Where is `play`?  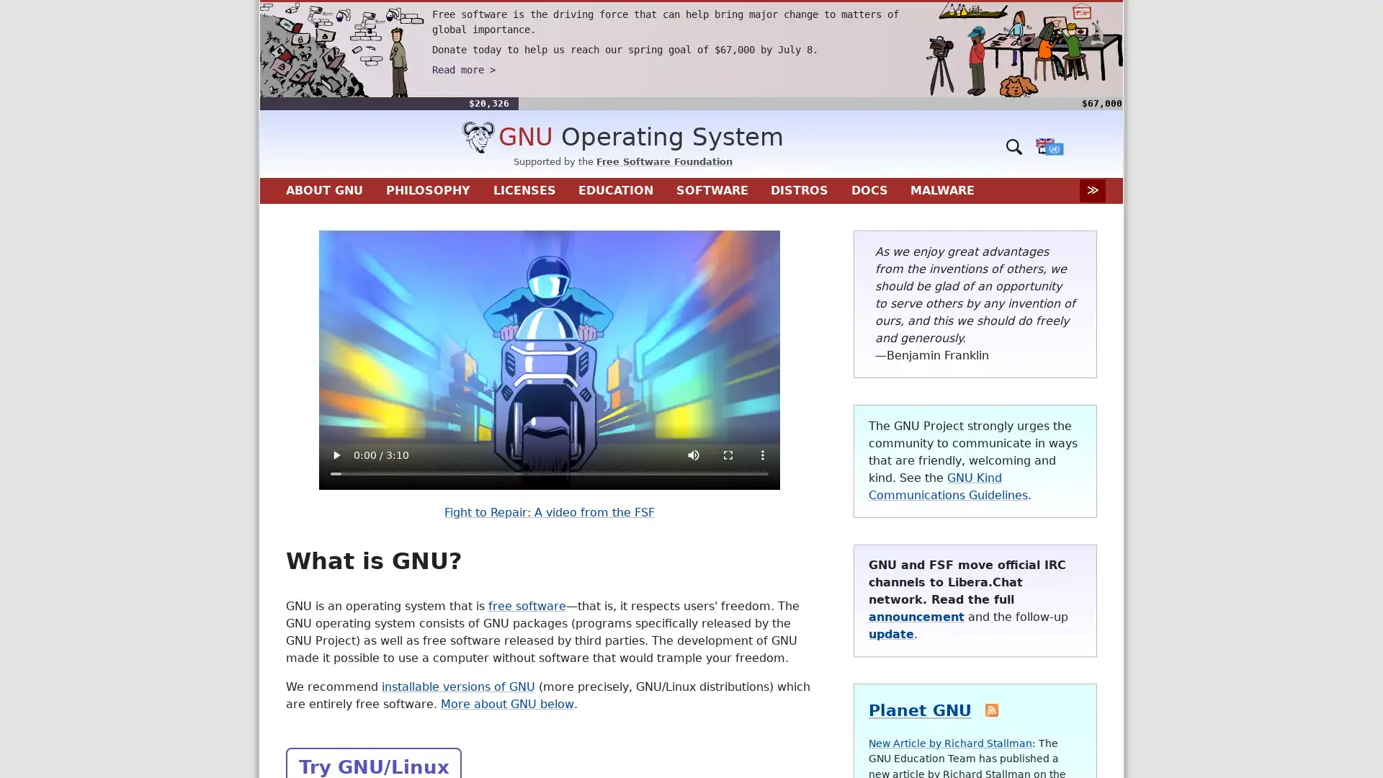
play is located at coordinates (334, 455).